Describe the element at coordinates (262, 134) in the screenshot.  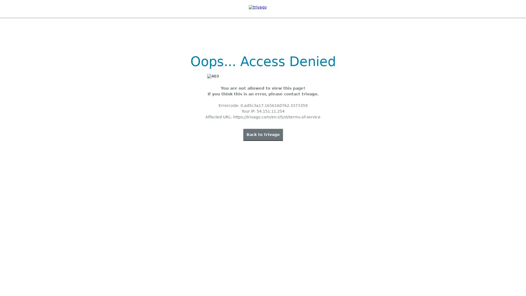
I see `Back to trivago` at that location.